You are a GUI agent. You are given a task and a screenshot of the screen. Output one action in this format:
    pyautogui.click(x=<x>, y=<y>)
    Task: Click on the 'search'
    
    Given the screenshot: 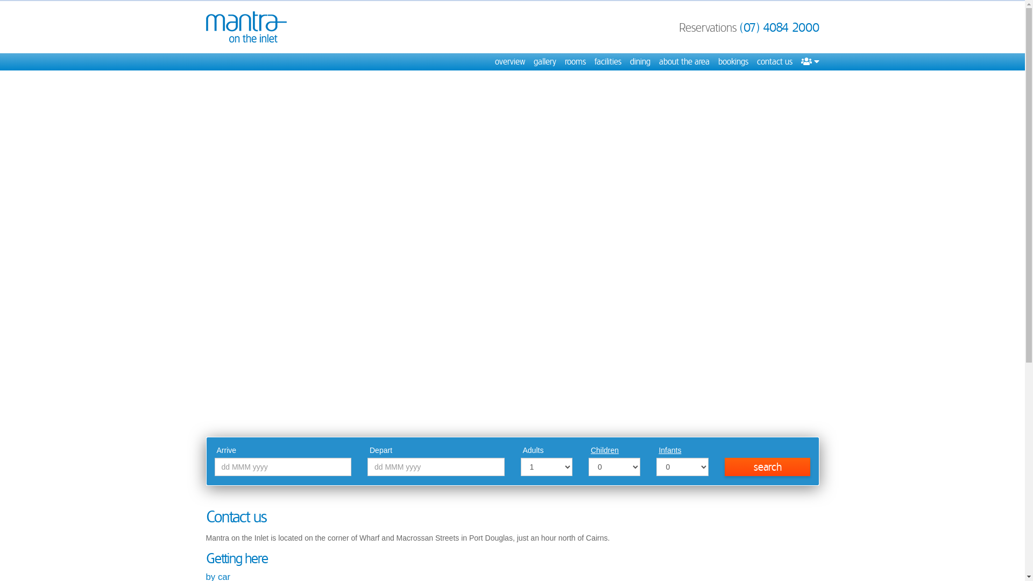 What is the action you would take?
    pyautogui.click(x=767, y=466)
    